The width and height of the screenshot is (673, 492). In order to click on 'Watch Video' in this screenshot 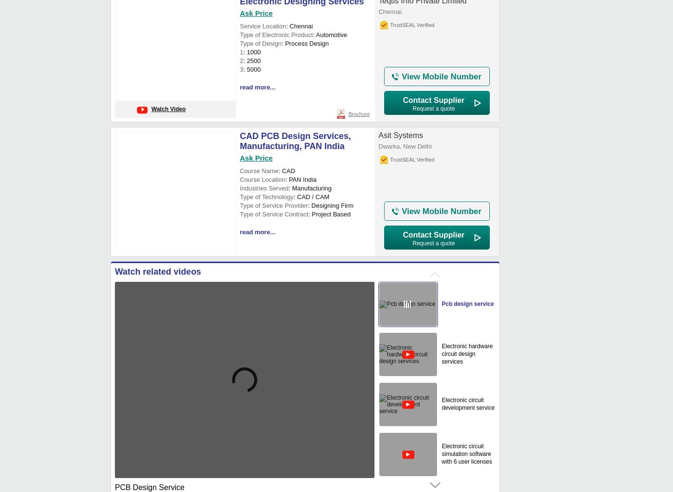, I will do `click(168, 109)`.